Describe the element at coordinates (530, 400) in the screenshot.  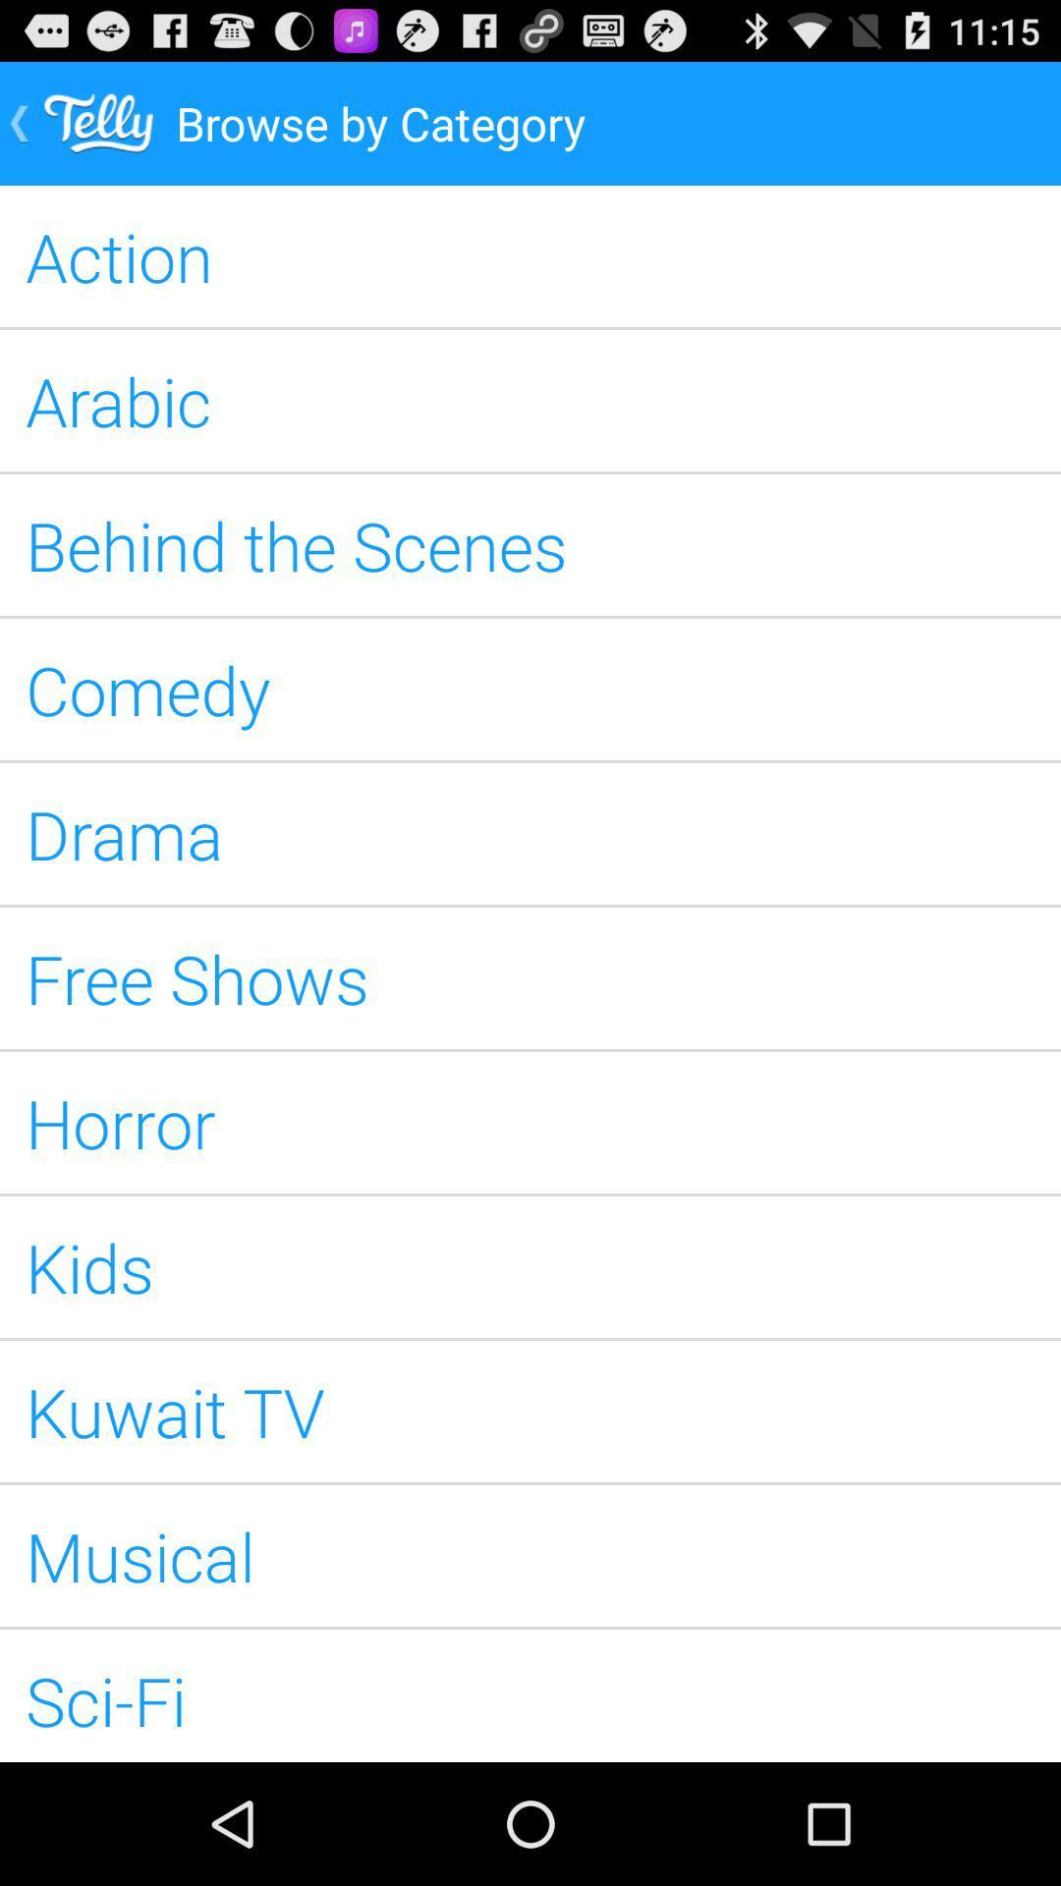
I see `icon below action` at that location.